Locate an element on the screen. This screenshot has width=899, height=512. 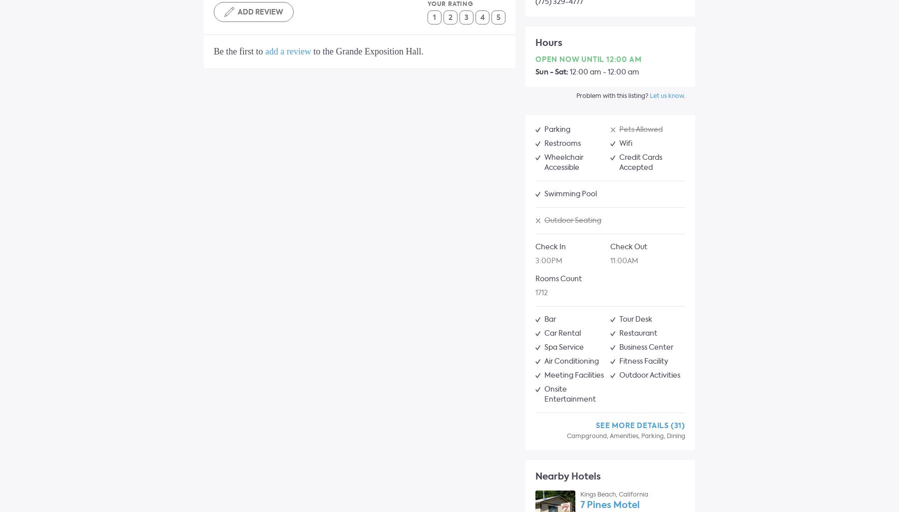
'5' is located at coordinates (497, 17).